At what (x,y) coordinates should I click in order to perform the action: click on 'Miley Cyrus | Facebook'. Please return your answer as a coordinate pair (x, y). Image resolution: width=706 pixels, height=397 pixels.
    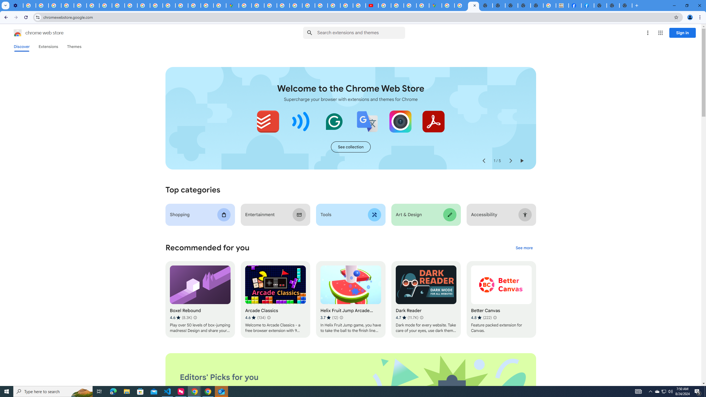
    Looking at the image, I should click on (575, 5).